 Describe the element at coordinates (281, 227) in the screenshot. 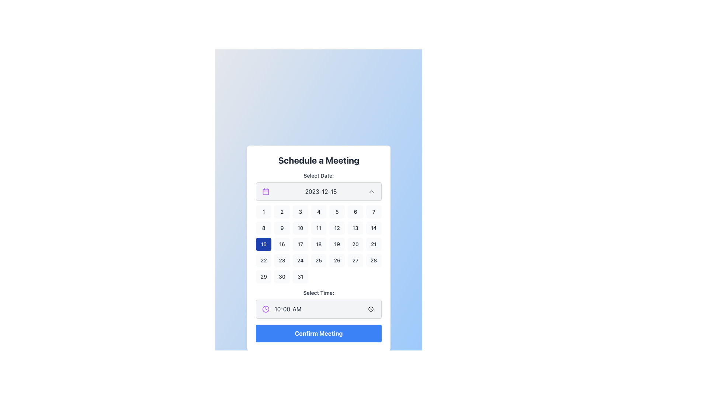

I see `the button that selects the 9th day of the month in the date-picker widget located in the second row and second column of the grid under the 'Select Date' section` at that location.